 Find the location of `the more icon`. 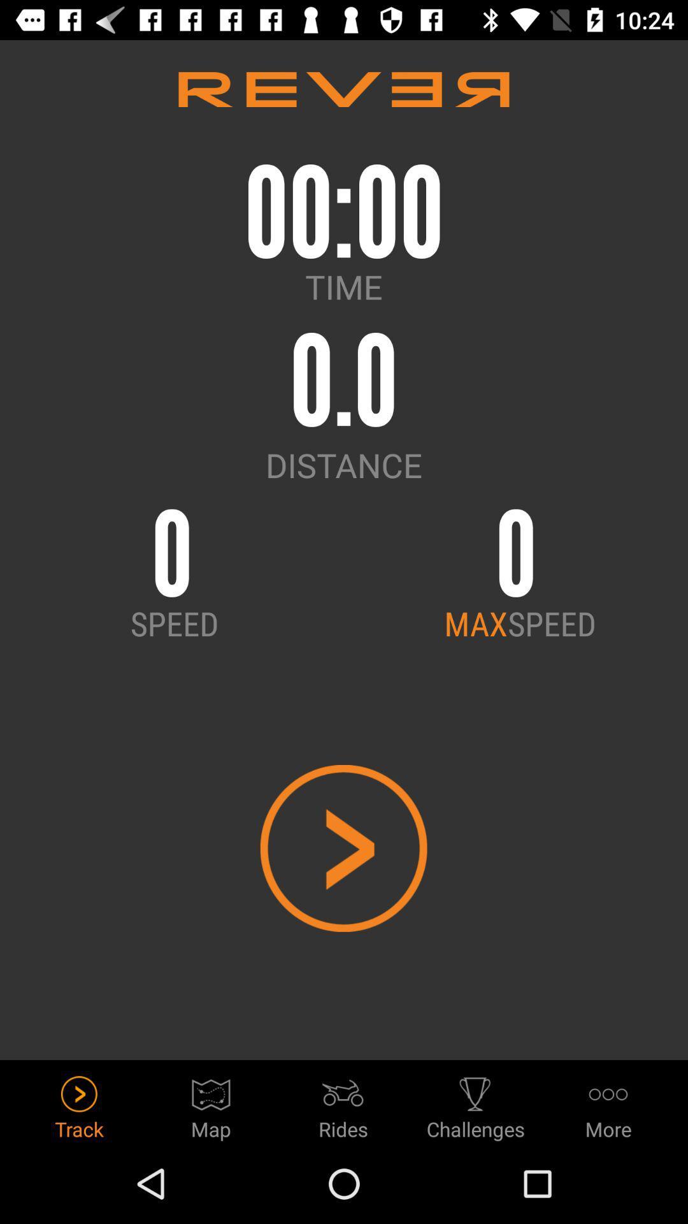

the more icon is located at coordinates (608, 1104).